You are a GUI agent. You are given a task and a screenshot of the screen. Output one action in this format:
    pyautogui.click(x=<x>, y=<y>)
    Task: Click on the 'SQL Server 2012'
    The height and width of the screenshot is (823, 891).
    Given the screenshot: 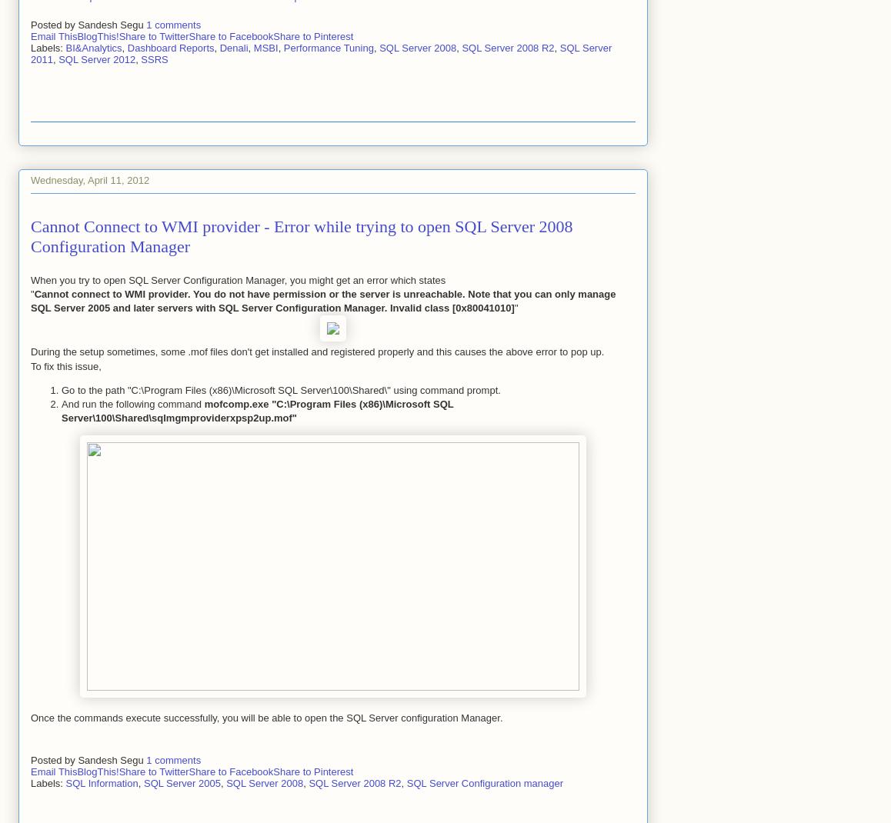 What is the action you would take?
    pyautogui.click(x=95, y=58)
    